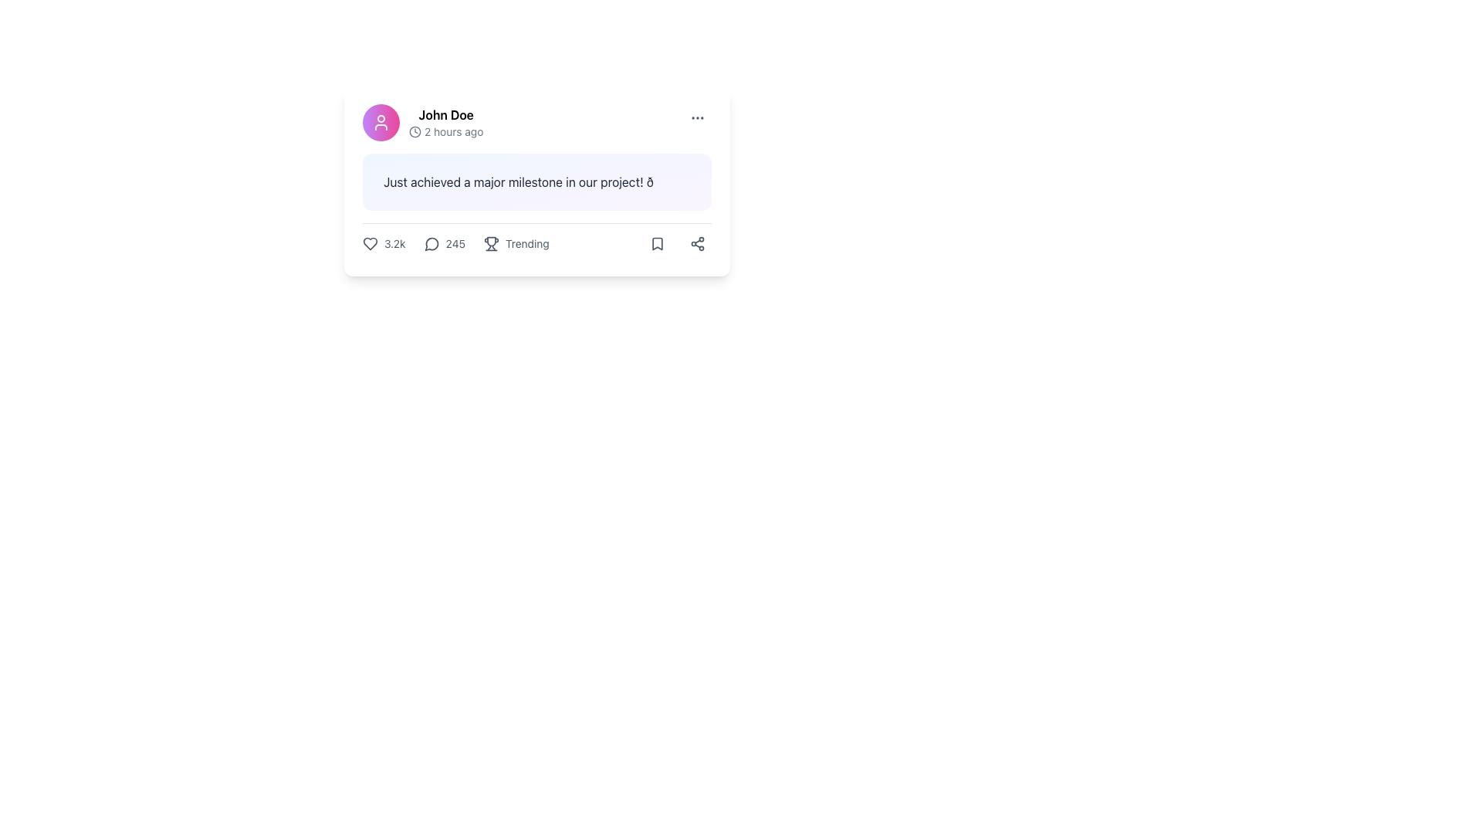  What do you see at coordinates (381, 121) in the screenshot?
I see `the Avatar icon, which is a circular icon with a gradient background transitioning from purple to pink, containing a white user silhouette graphic` at bounding box center [381, 121].